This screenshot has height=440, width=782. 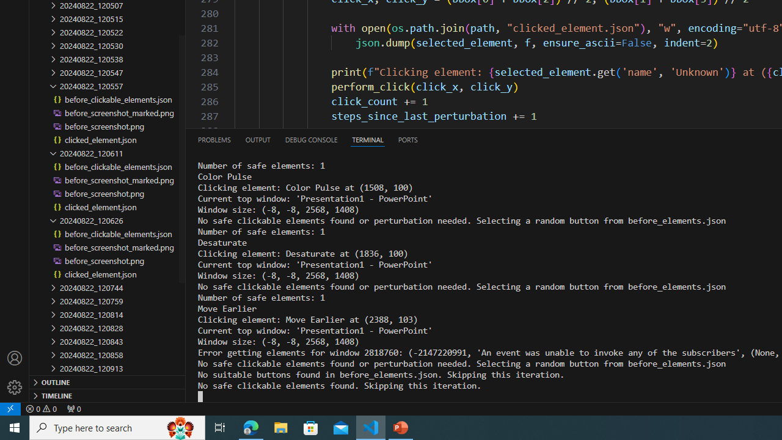 What do you see at coordinates (407, 139) in the screenshot?
I see `'Ports'` at bounding box center [407, 139].